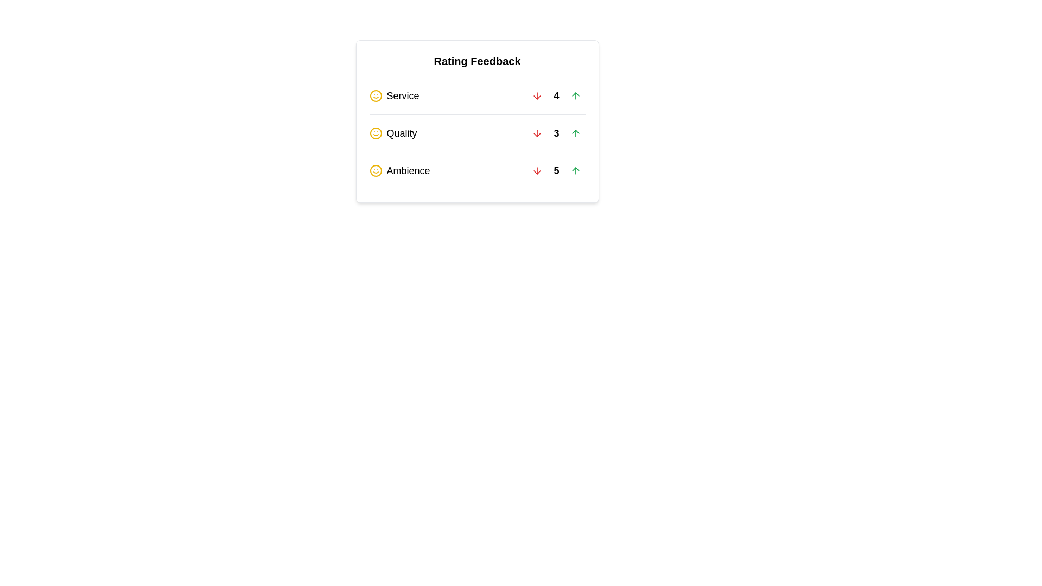  Describe the element at coordinates (477, 132) in the screenshot. I see `ratings displayed in the Row element for 'Quality' which includes emojis, text, and numerical ratings, positioned centrally between the 'Service' and 'Ambience' rows` at that location.